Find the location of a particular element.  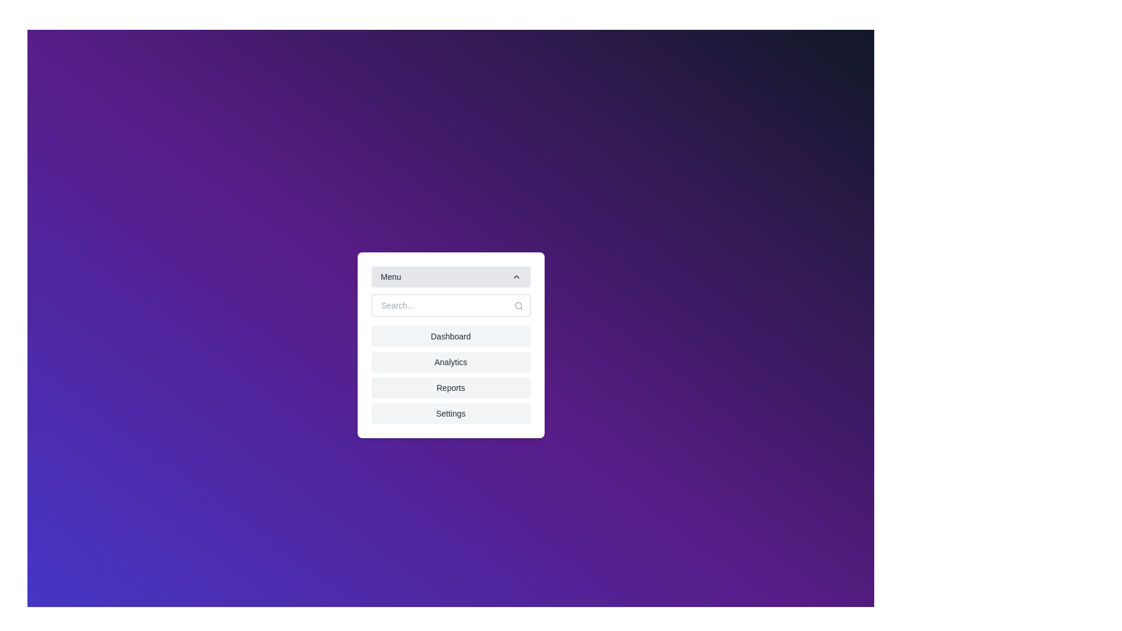

the 'Menu' button to toggle the menu visibility is located at coordinates (450, 277).